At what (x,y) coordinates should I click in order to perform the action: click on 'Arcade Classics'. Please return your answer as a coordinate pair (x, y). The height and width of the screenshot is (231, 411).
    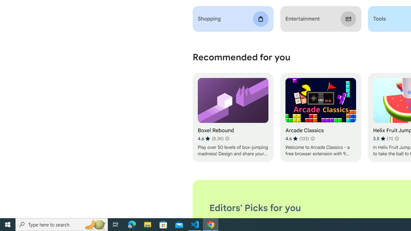
    Looking at the image, I should click on (320, 117).